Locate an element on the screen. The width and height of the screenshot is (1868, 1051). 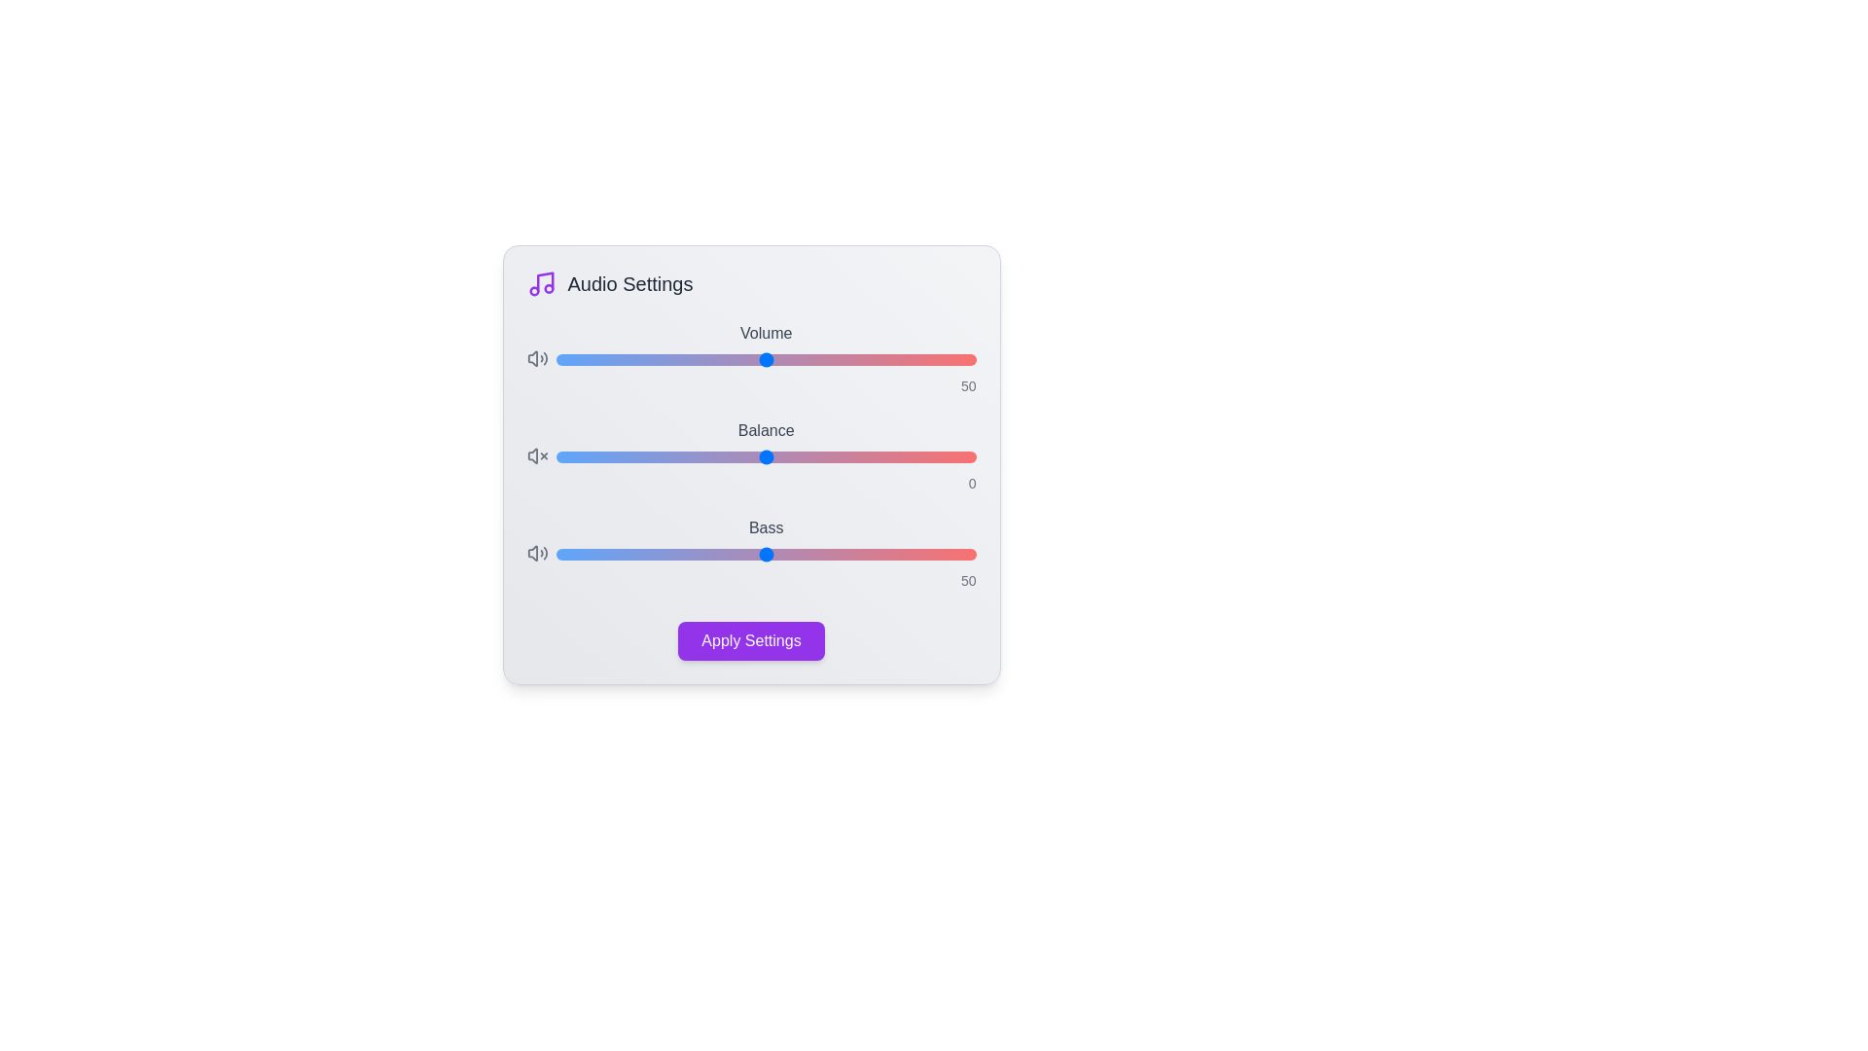
the 'Balance' slider to the specified value -29 is located at coordinates (644, 457).